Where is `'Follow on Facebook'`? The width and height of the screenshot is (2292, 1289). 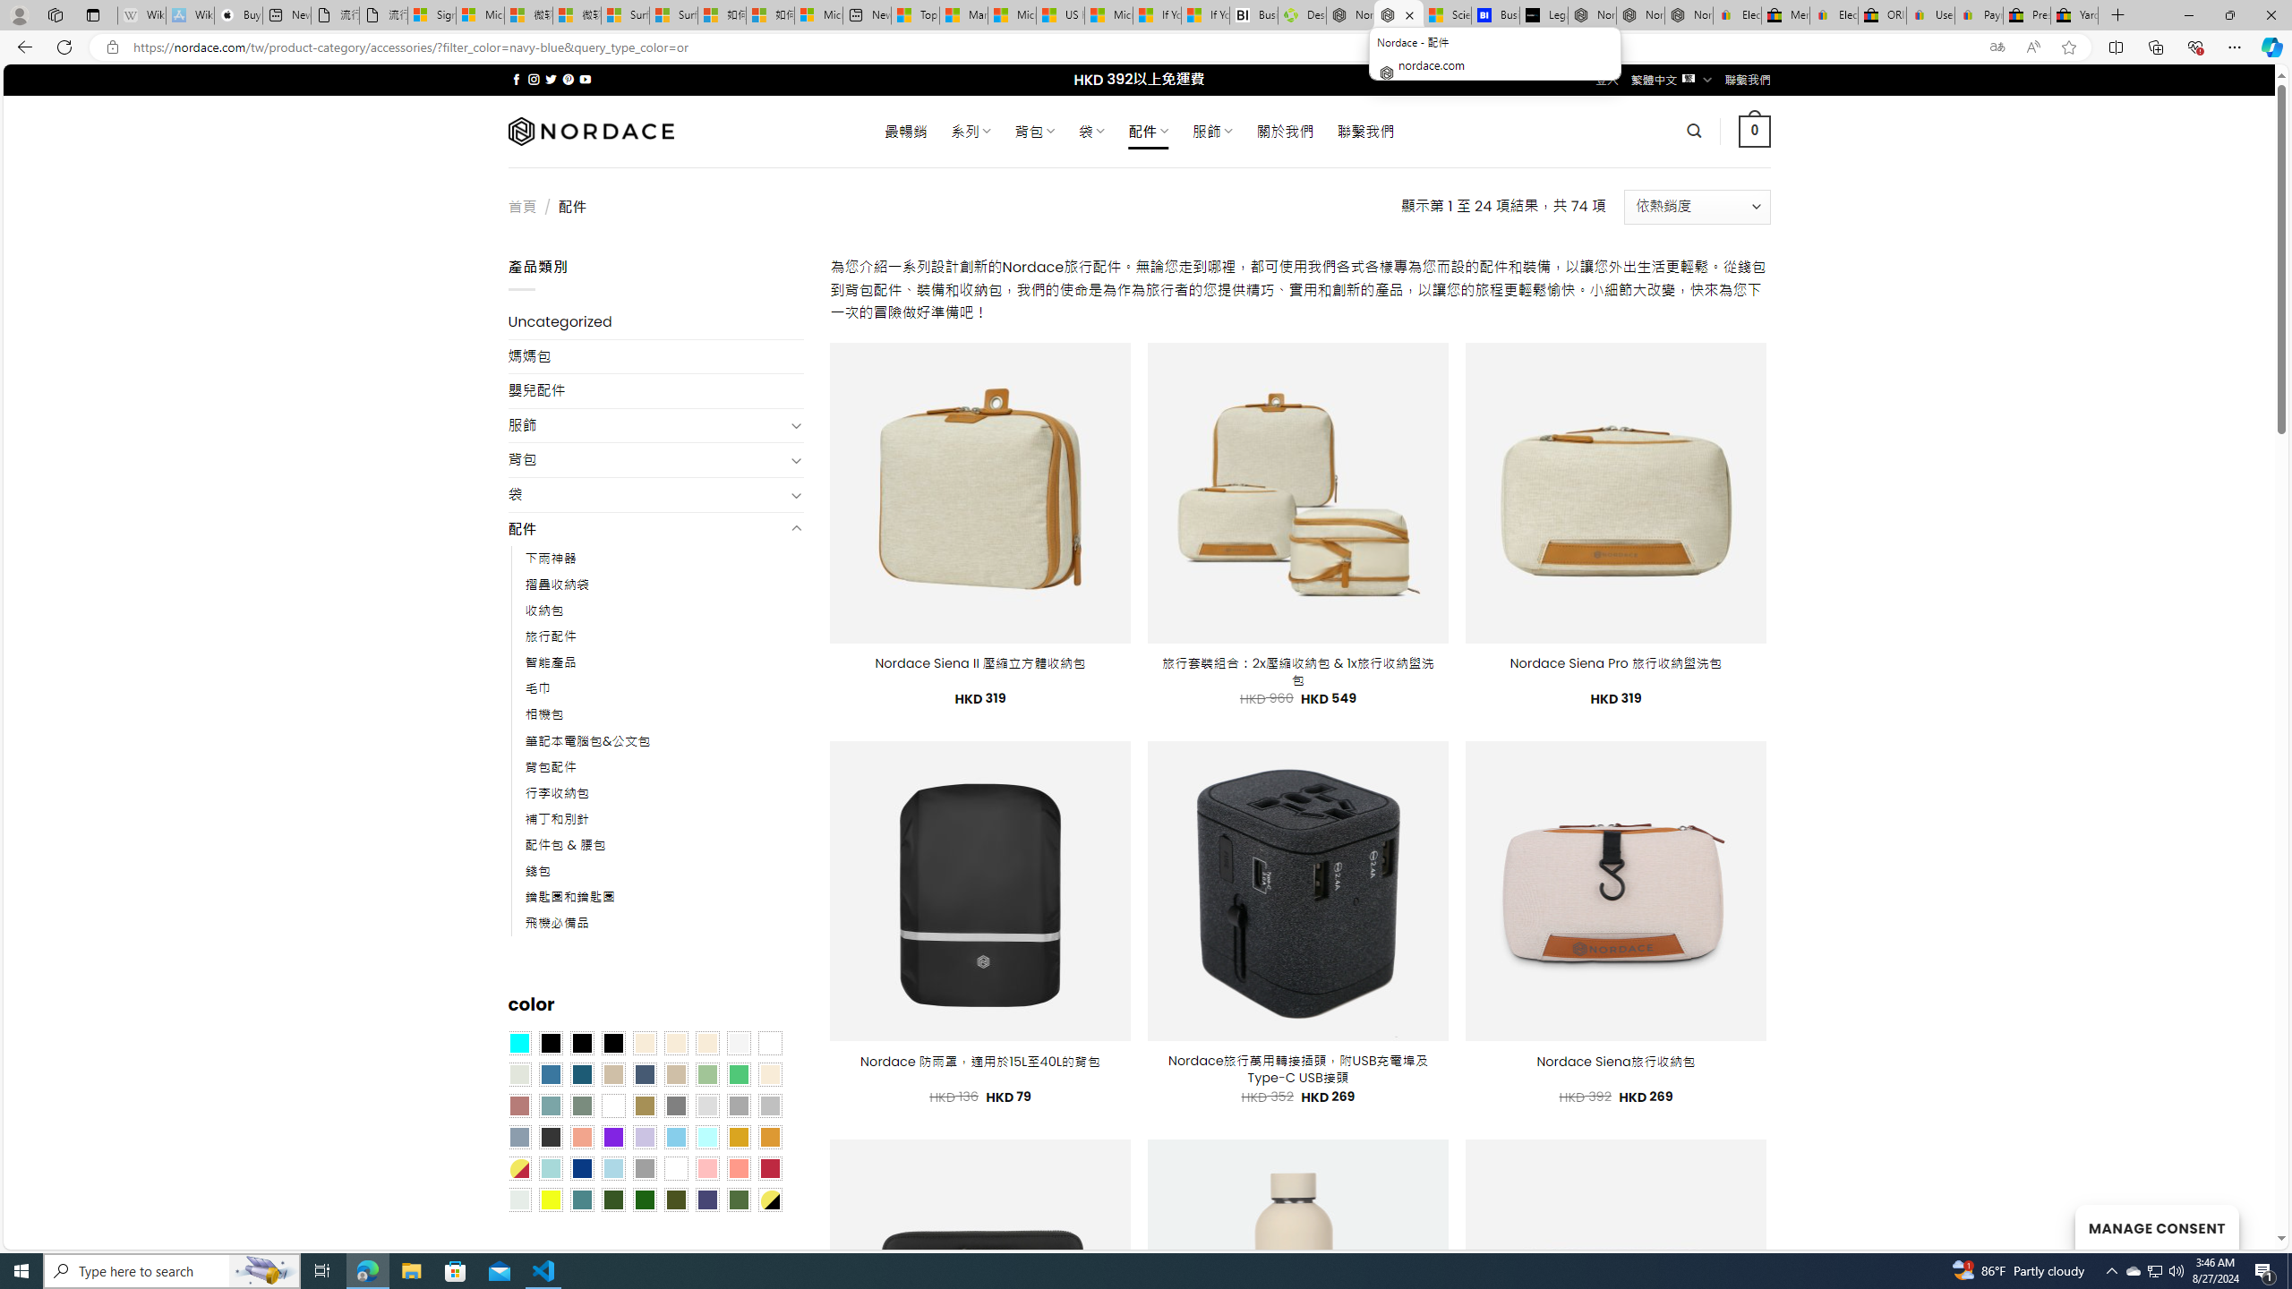 'Follow on Facebook' is located at coordinates (516, 79).